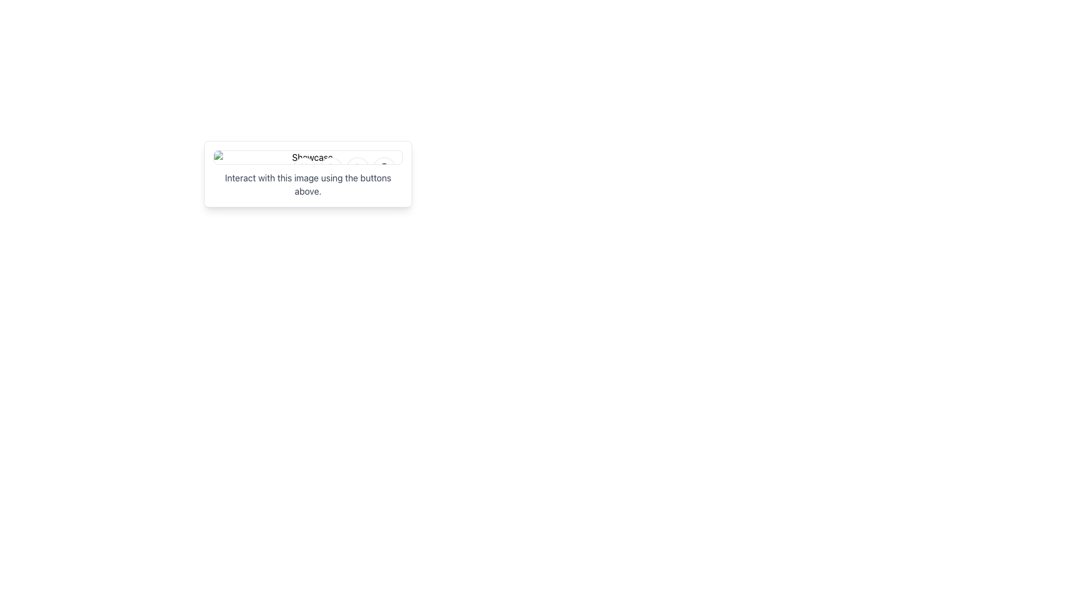  I want to click on the magnifying-glass icon with a plus sign within it, located at the center of a circular button in the horizontal toolbar, so click(330, 169).